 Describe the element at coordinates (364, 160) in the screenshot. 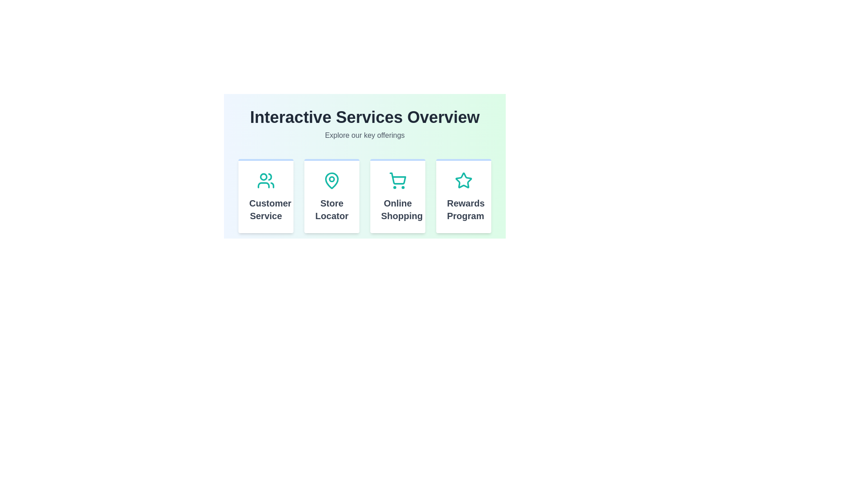

I see `the sections within the 'Interactive Services Overview' dialog box` at that location.